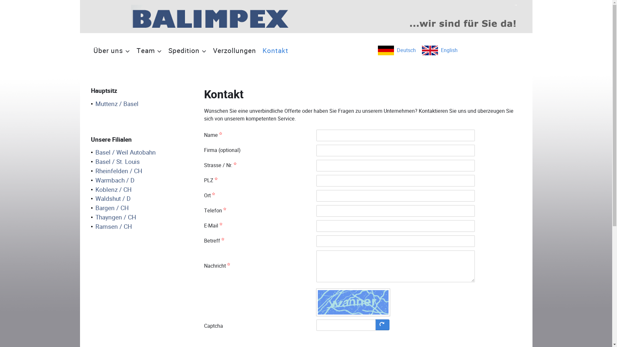  Describe the element at coordinates (165, 50) in the screenshot. I see `'Spedition'` at that location.